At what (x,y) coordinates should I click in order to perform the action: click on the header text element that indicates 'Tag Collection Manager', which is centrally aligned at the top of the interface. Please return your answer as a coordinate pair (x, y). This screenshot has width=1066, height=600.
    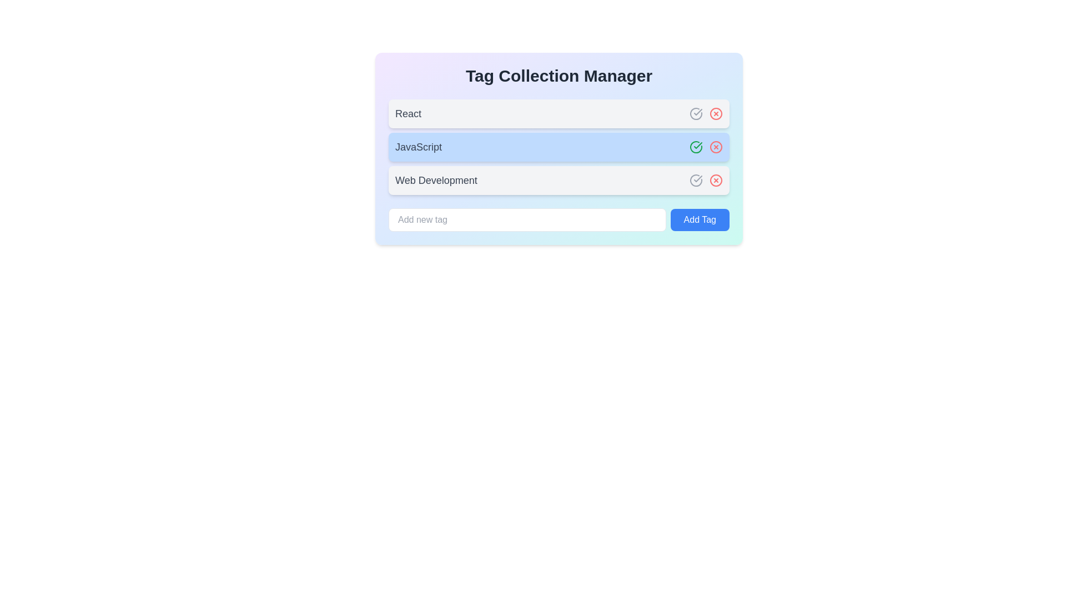
    Looking at the image, I should click on (559, 76).